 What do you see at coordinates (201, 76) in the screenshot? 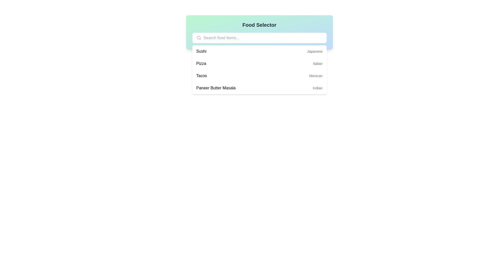
I see `on the 'Tacos' text element, which is the first item in a dropdown menu of food items, displayed in bold black font on a white background` at bounding box center [201, 76].